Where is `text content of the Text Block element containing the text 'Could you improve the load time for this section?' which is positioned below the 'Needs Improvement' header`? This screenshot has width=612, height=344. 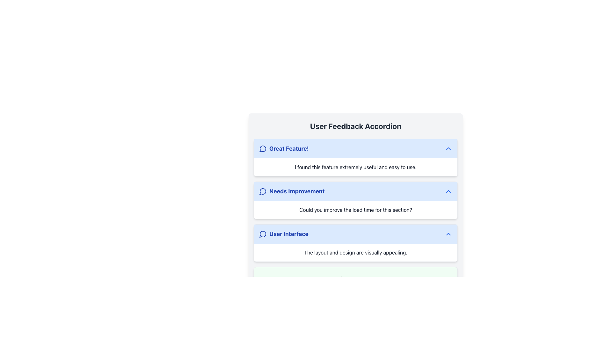
text content of the Text Block element containing the text 'Could you improve the load time for this section?' which is positioned below the 'Needs Improvement' header is located at coordinates (355, 210).